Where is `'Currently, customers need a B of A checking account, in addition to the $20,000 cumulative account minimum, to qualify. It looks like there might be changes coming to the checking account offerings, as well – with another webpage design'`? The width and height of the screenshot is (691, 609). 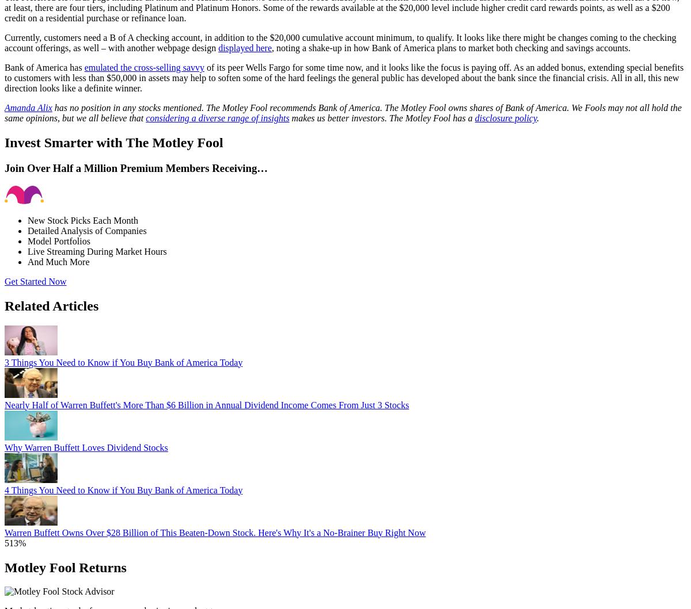
'Currently, customers need a B of A checking account, in addition to the $20,000 cumulative account minimum, to qualify. It looks like there might be changes coming to the checking account offerings, as well – with another webpage design' is located at coordinates (340, 43).